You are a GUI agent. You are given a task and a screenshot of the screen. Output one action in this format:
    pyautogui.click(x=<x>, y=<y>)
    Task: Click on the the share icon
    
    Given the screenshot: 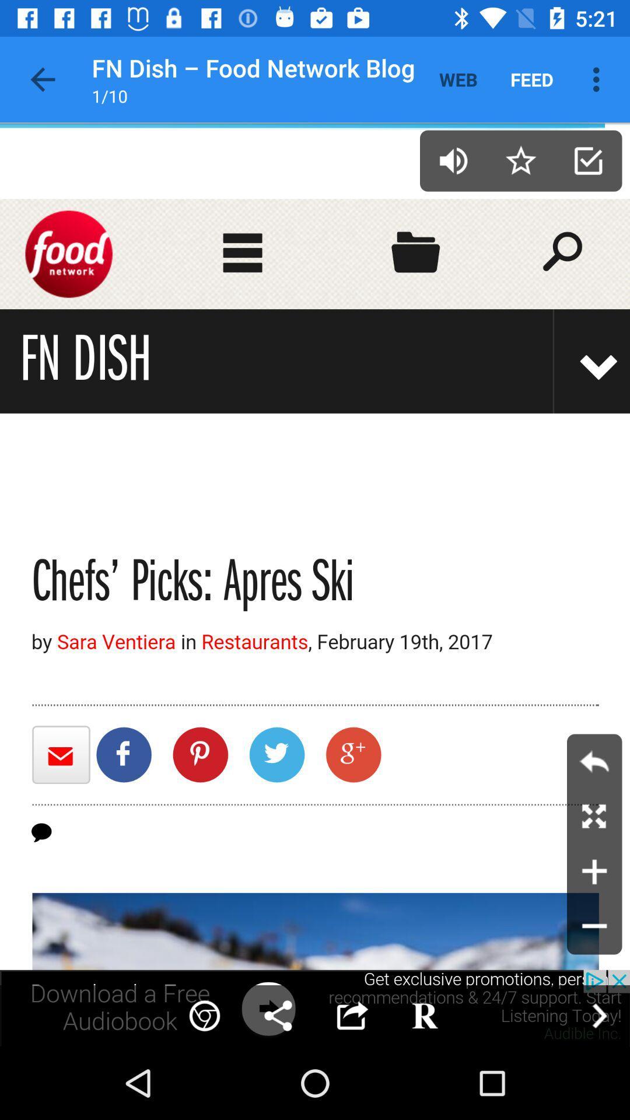 What is the action you would take?
    pyautogui.click(x=278, y=1015)
    